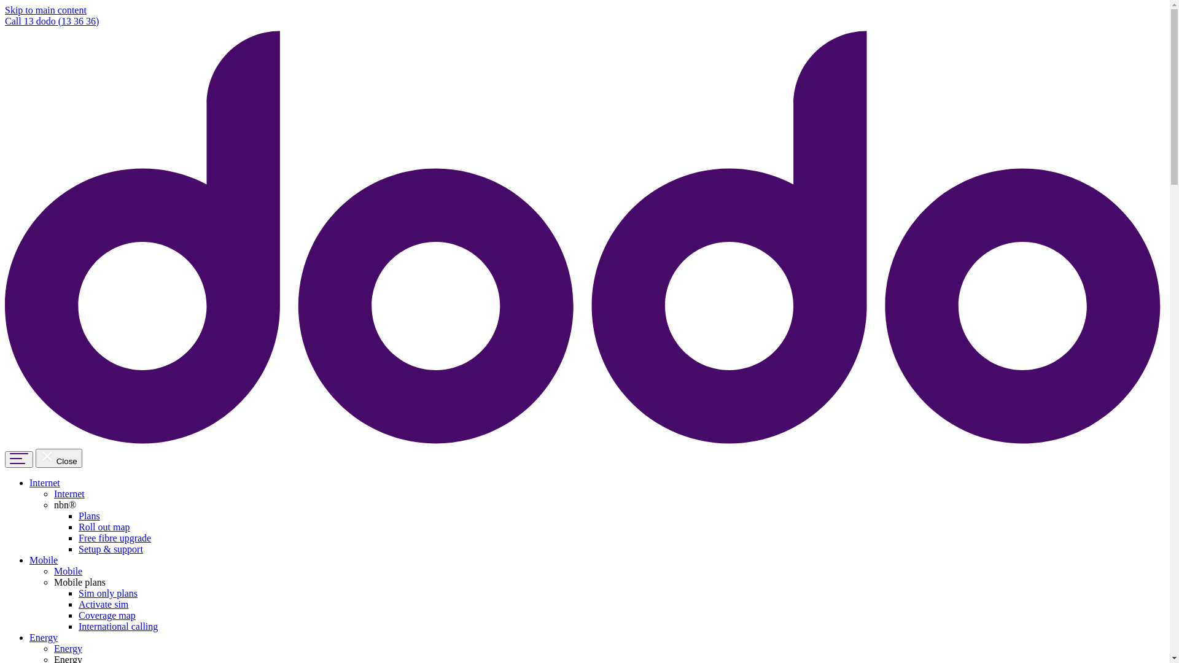 Image resolution: width=1179 pixels, height=663 pixels. I want to click on 'Activate sim', so click(103, 603).